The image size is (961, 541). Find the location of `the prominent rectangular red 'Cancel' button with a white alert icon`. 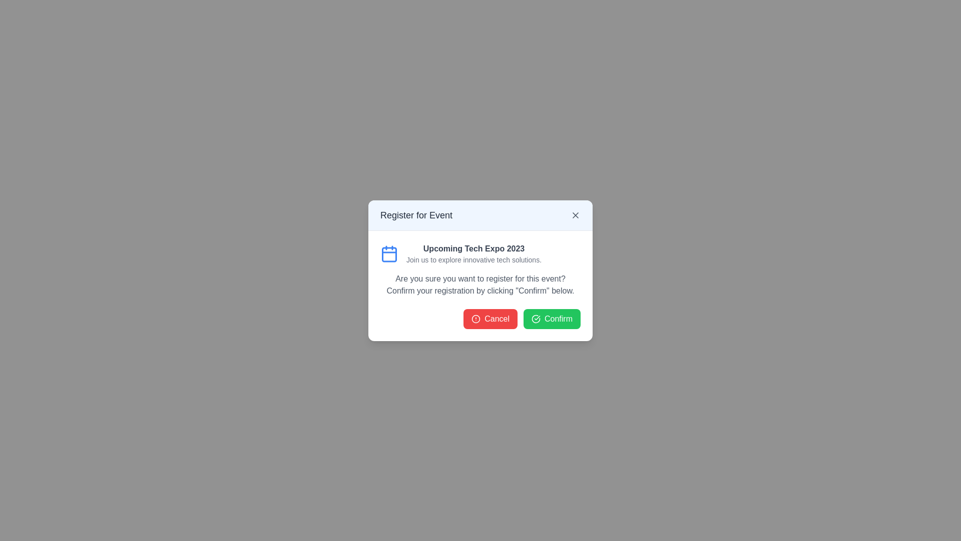

the prominent rectangular red 'Cancel' button with a white alert icon is located at coordinates (491, 319).